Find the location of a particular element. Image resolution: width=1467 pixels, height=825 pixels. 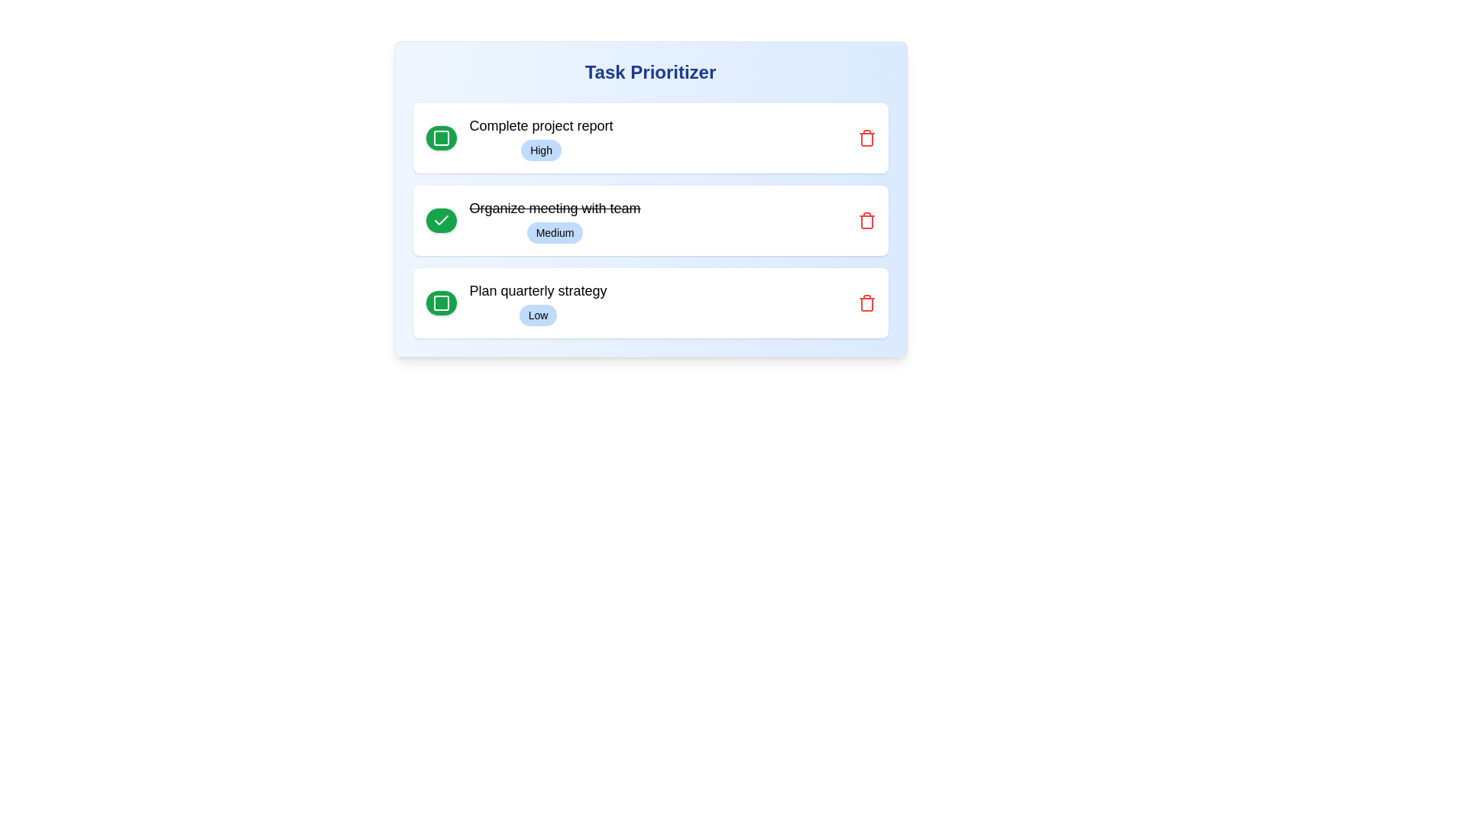

the green circular button with a white checkmark icon is located at coordinates (440, 221).